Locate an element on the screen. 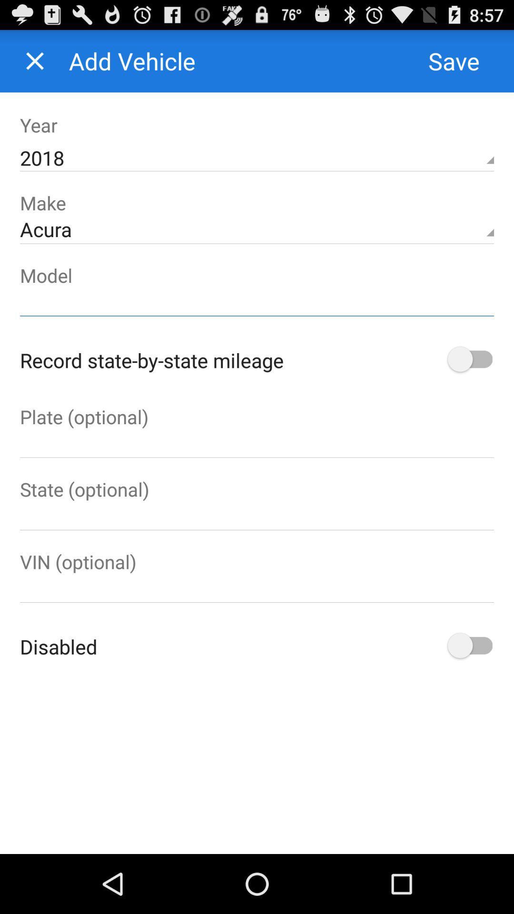  vpn address is located at coordinates (257, 588).